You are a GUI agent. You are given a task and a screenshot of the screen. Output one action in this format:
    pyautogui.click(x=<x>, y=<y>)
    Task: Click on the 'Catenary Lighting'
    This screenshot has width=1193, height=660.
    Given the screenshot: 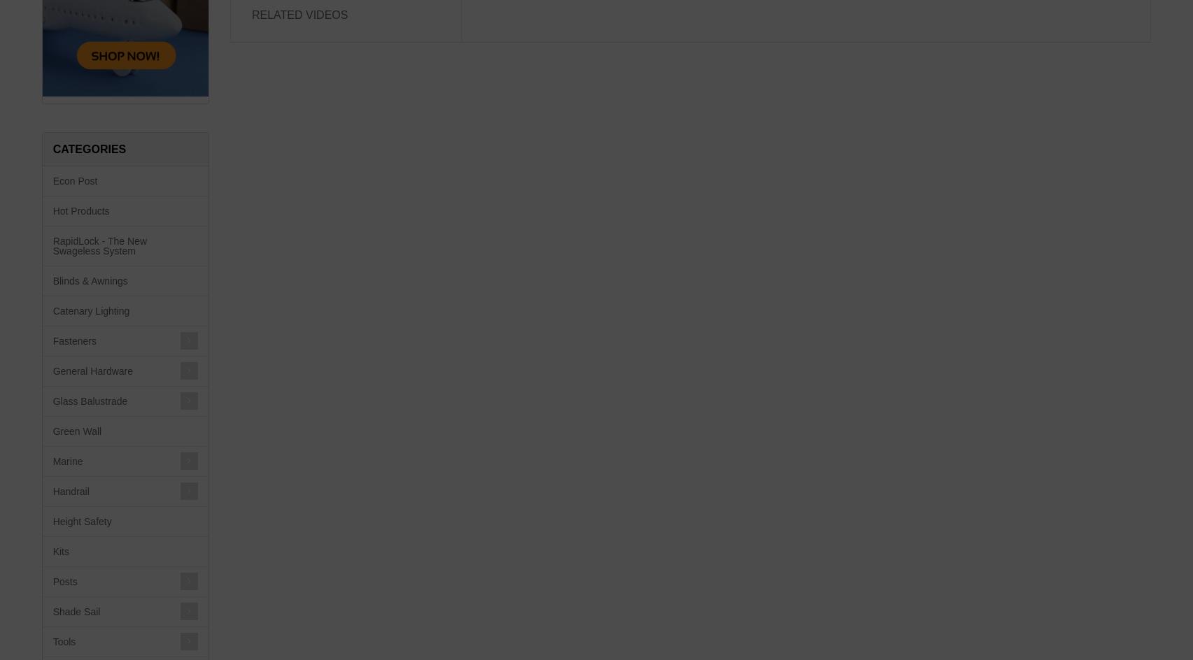 What is the action you would take?
    pyautogui.click(x=90, y=310)
    